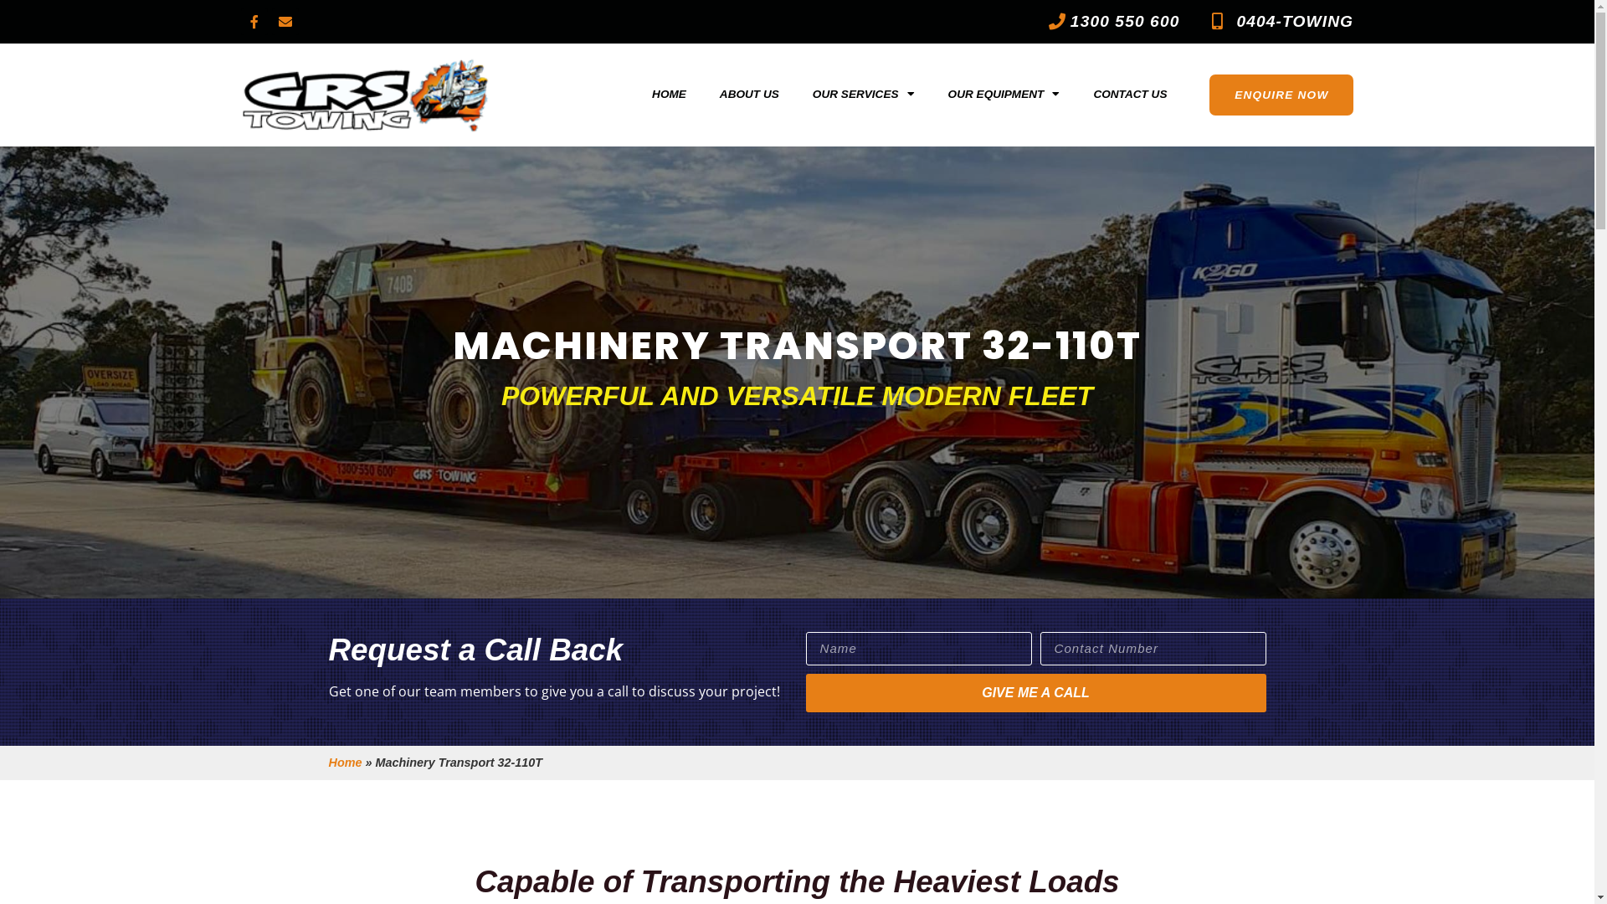 The image size is (1607, 904). I want to click on 'CONTACT US', so click(1129, 94).